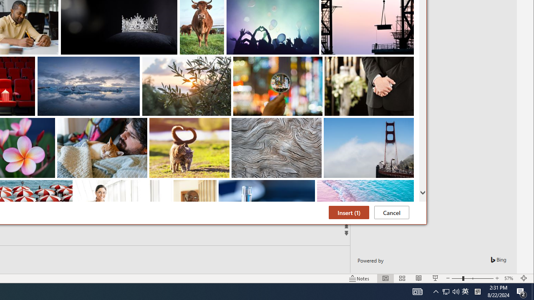 The height and width of the screenshot is (300, 534). Describe the element at coordinates (509, 278) in the screenshot. I see `'Zoom 57%'` at that location.